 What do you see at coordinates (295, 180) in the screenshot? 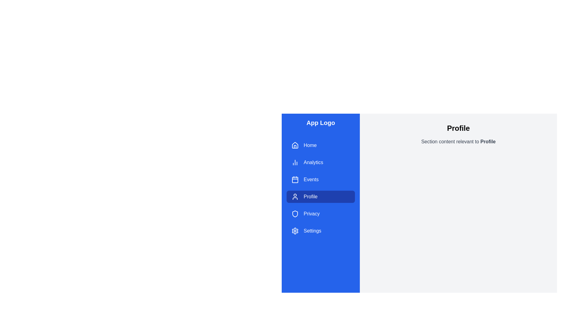
I see `the blue background rectangle of the calendar icon located under the 'Events' menu item in the sidebar` at bounding box center [295, 180].